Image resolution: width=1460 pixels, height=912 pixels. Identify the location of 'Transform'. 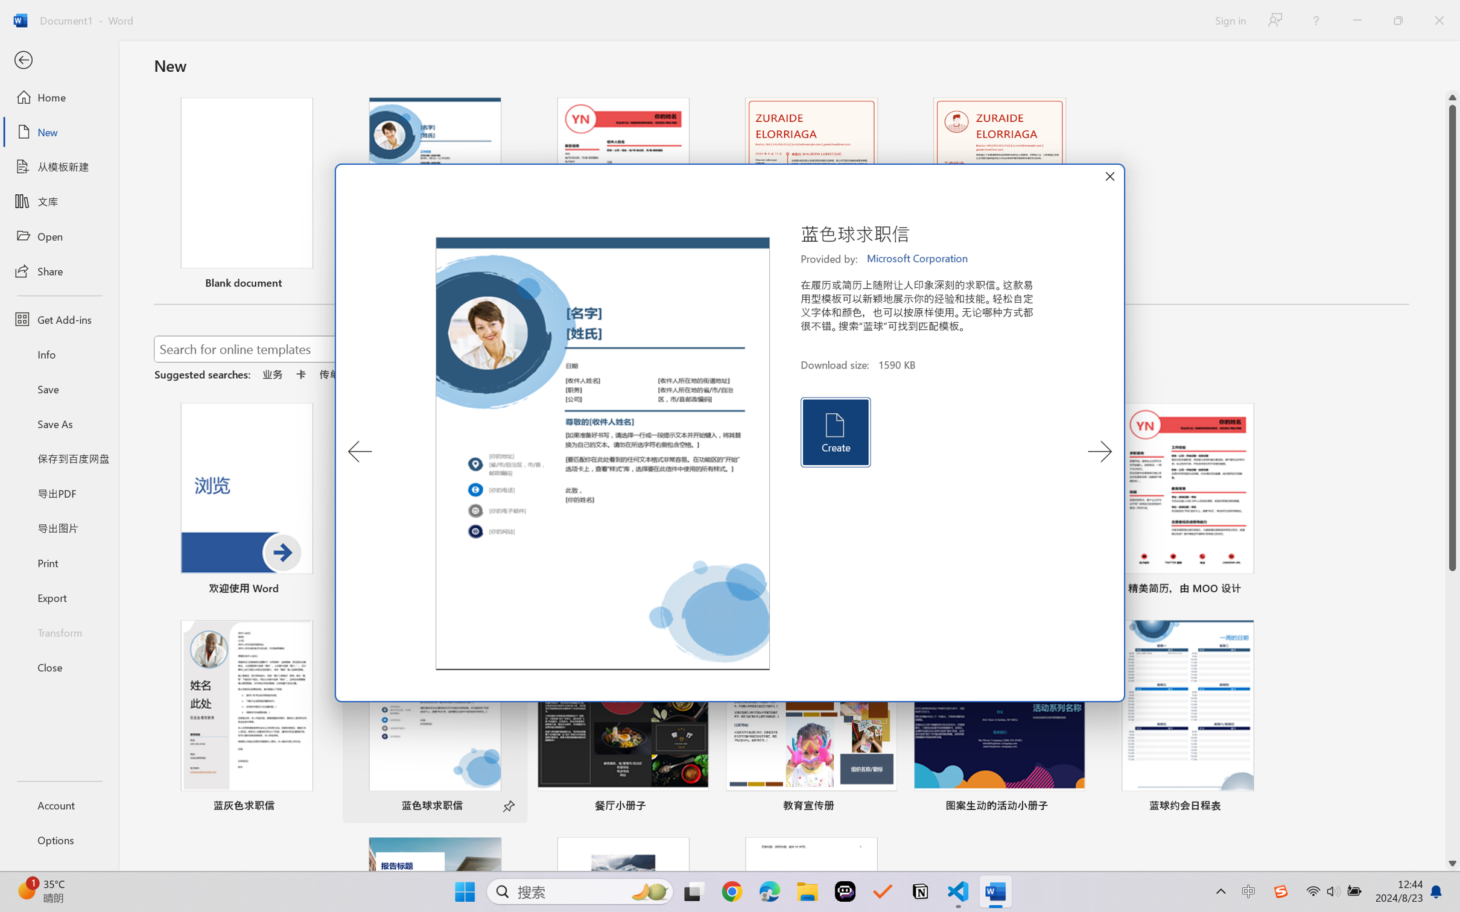
(59, 631).